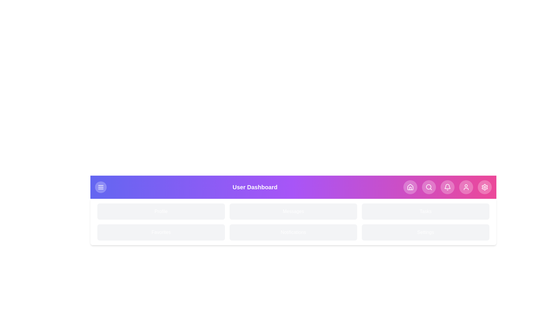  Describe the element at coordinates (447, 187) in the screenshot. I see `the navigation button corresponding to Notifications` at that location.